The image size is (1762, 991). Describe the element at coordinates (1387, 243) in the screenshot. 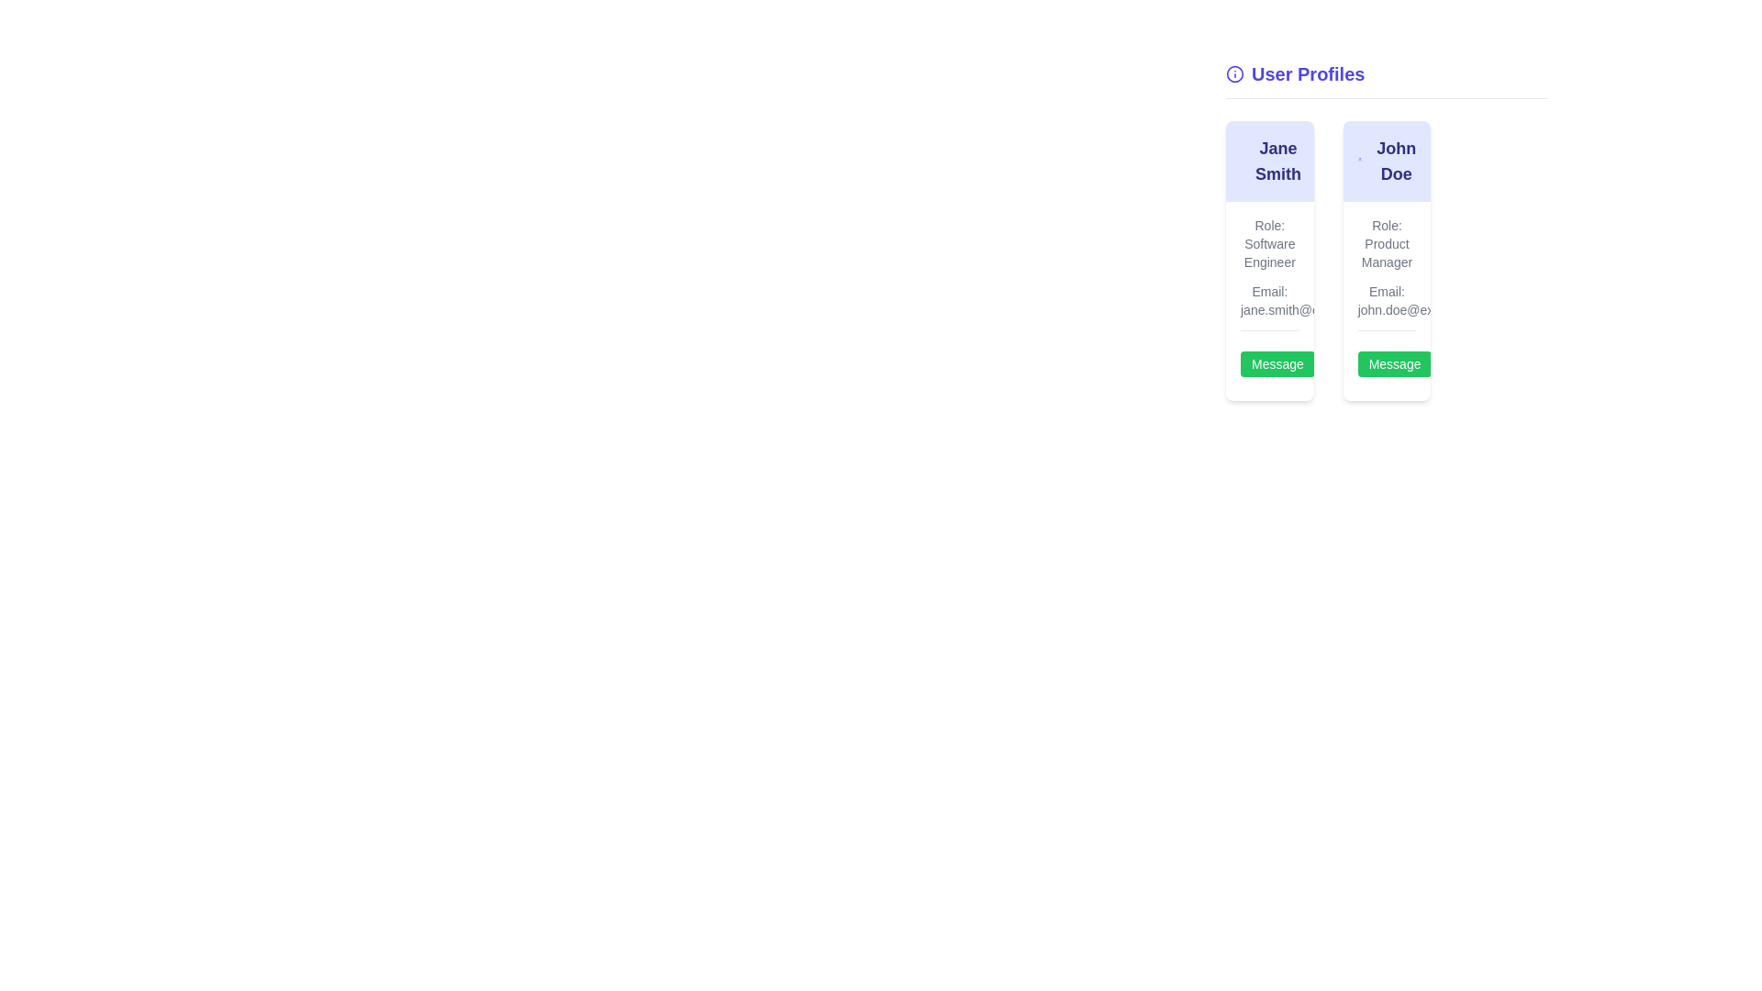

I see `the static text element that displays the job title of 'John Doe' in the User Profiles section, located below the name and above the email address` at that location.